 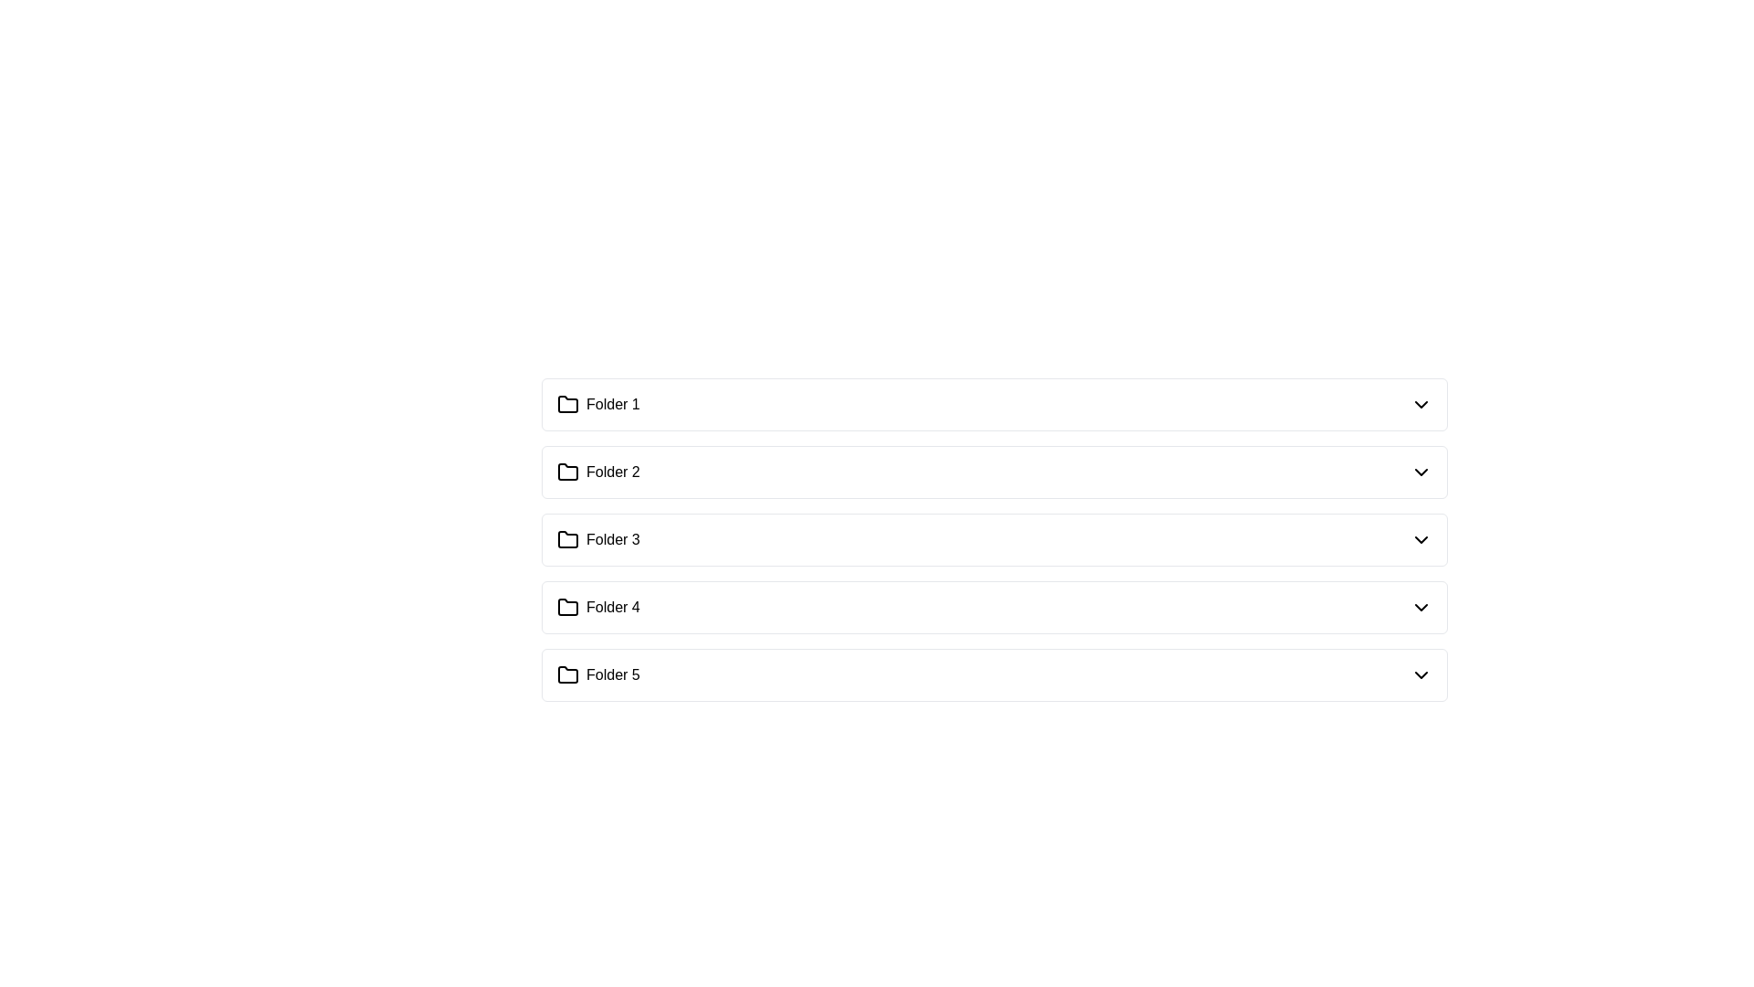 What do you see at coordinates (567, 403) in the screenshot?
I see `the graphic icon indicating 'Folder 1'` at bounding box center [567, 403].